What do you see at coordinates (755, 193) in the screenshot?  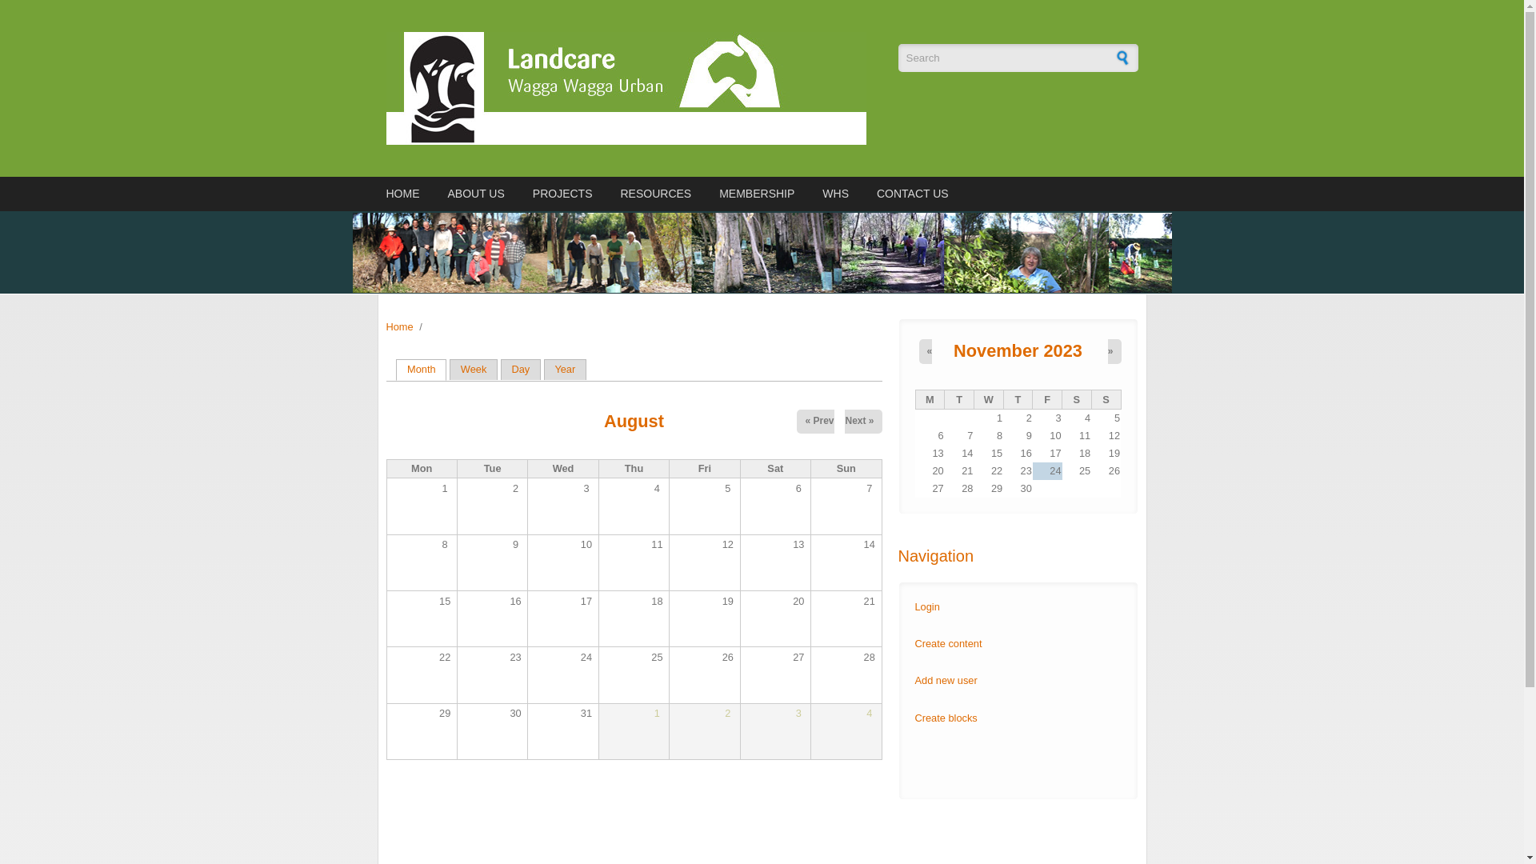 I see `'MEMBERSHIP'` at bounding box center [755, 193].